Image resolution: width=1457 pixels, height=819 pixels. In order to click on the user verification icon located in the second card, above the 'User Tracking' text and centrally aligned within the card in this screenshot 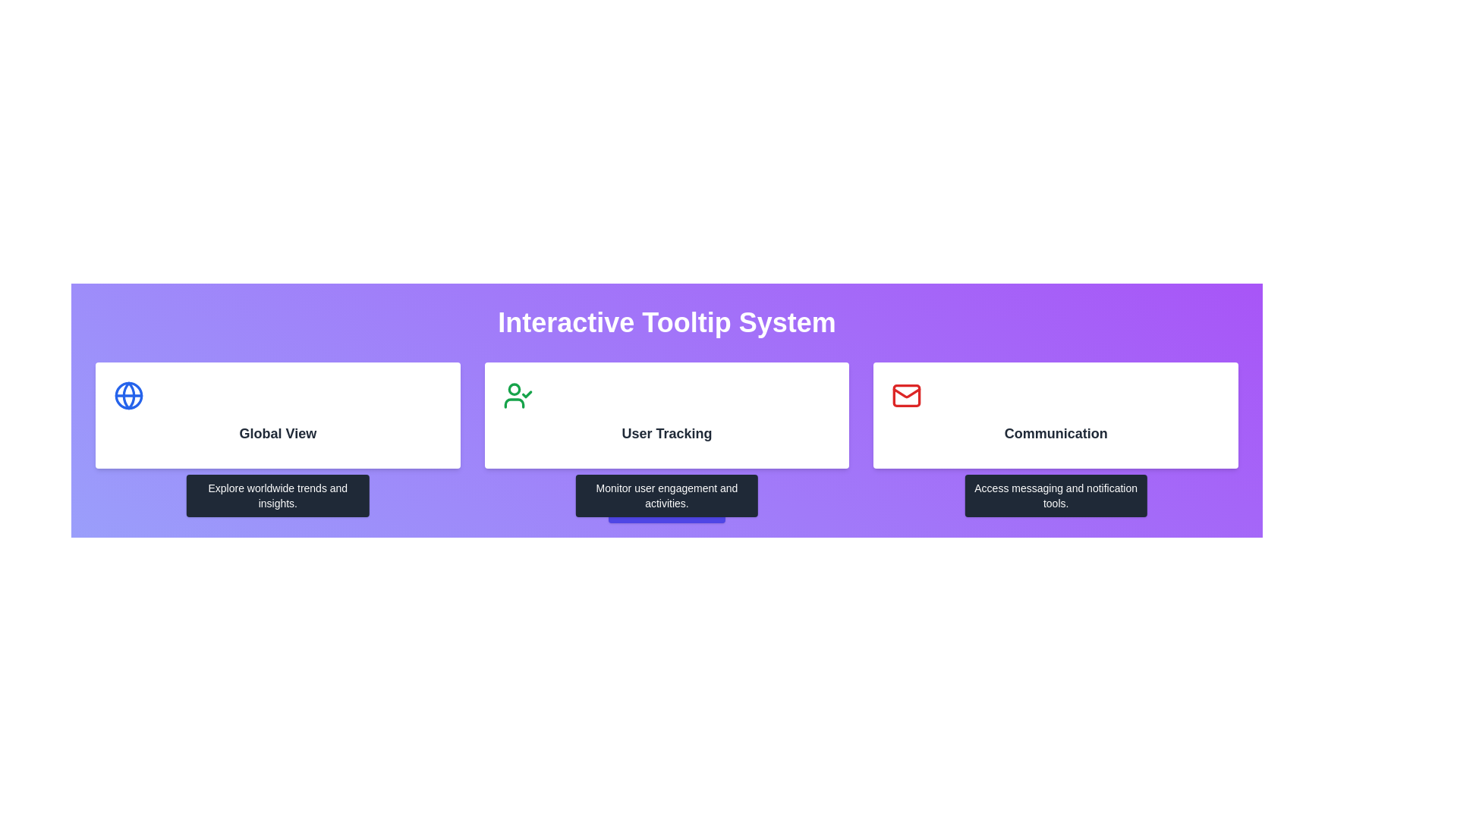, I will do `click(518, 394)`.